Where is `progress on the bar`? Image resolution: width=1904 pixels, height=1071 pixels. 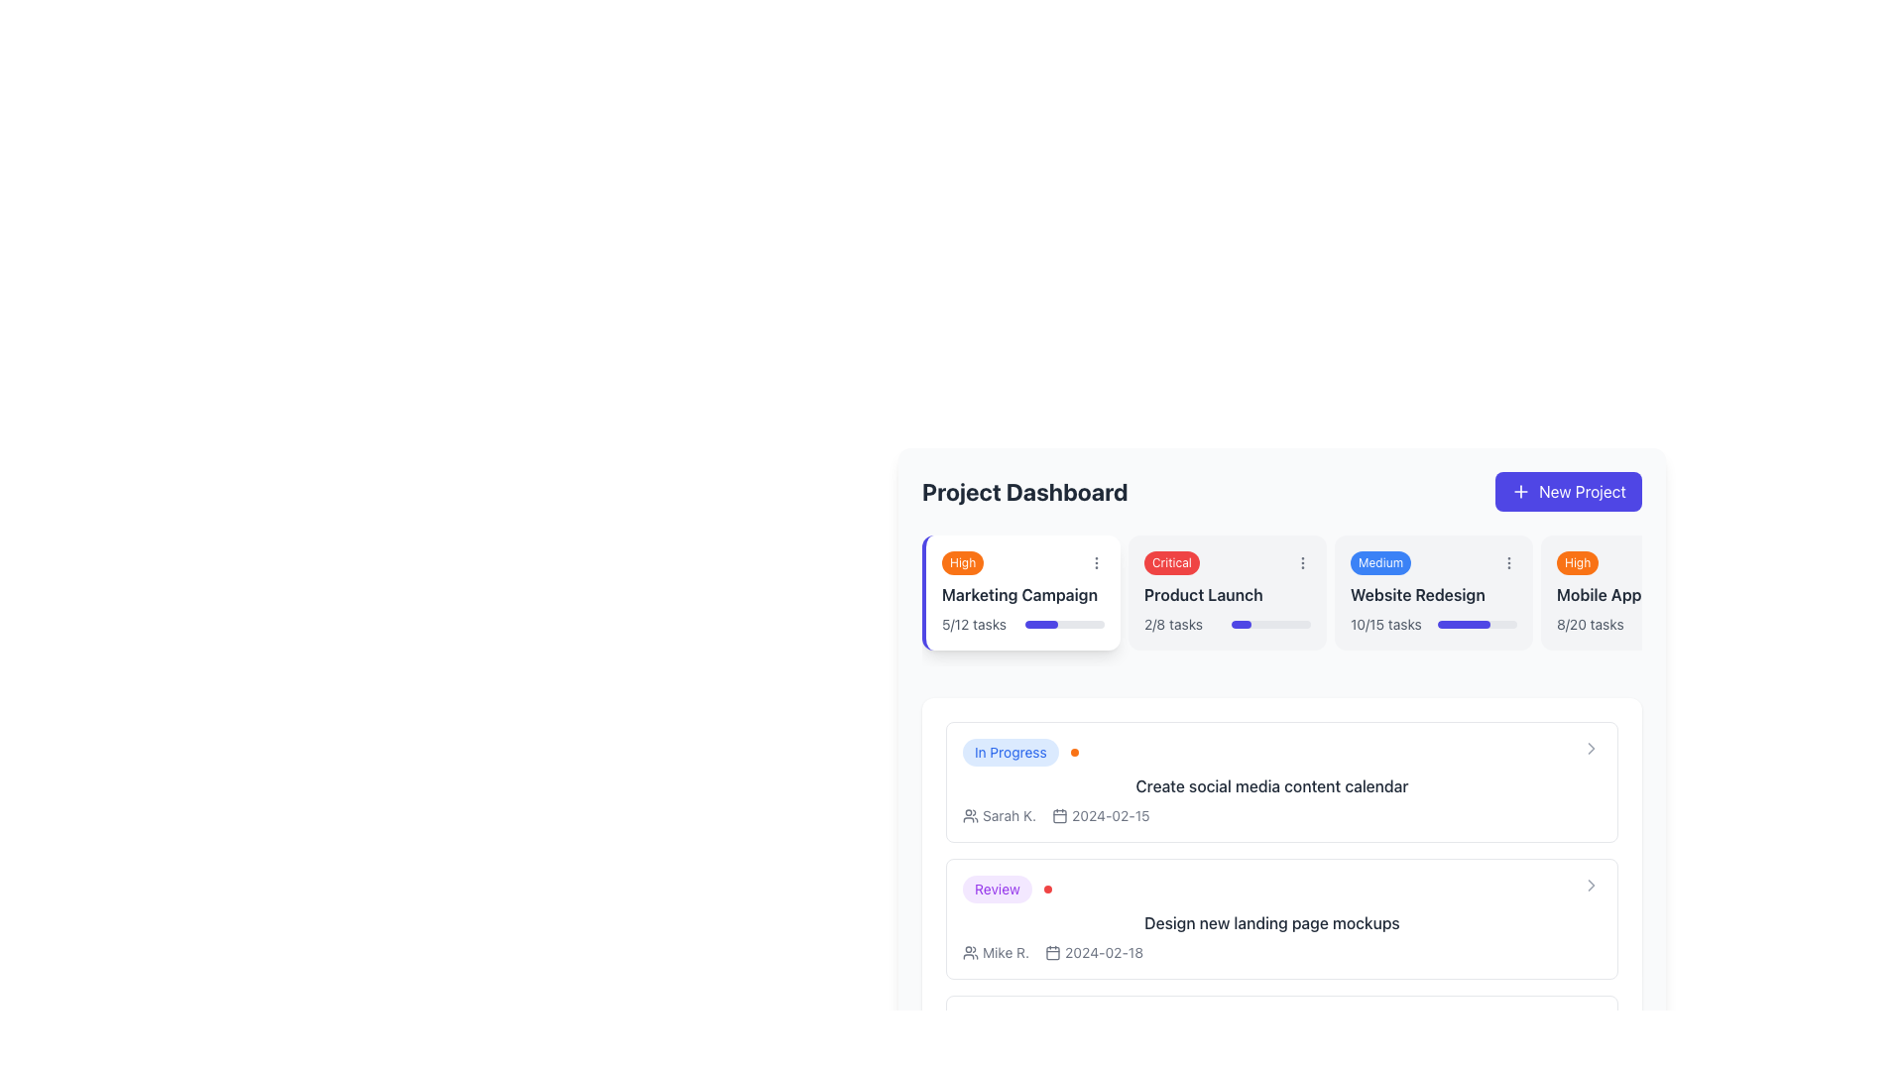
progress on the bar is located at coordinates (1094, 623).